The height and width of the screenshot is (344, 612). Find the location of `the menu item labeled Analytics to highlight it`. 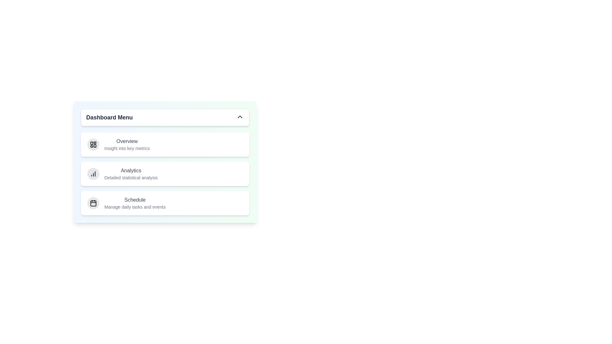

the menu item labeled Analytics to highlight it is located at coordinates (131, 170).